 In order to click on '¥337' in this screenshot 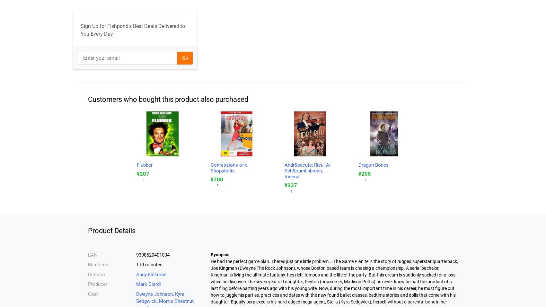, I will do `click(291, 184)`.